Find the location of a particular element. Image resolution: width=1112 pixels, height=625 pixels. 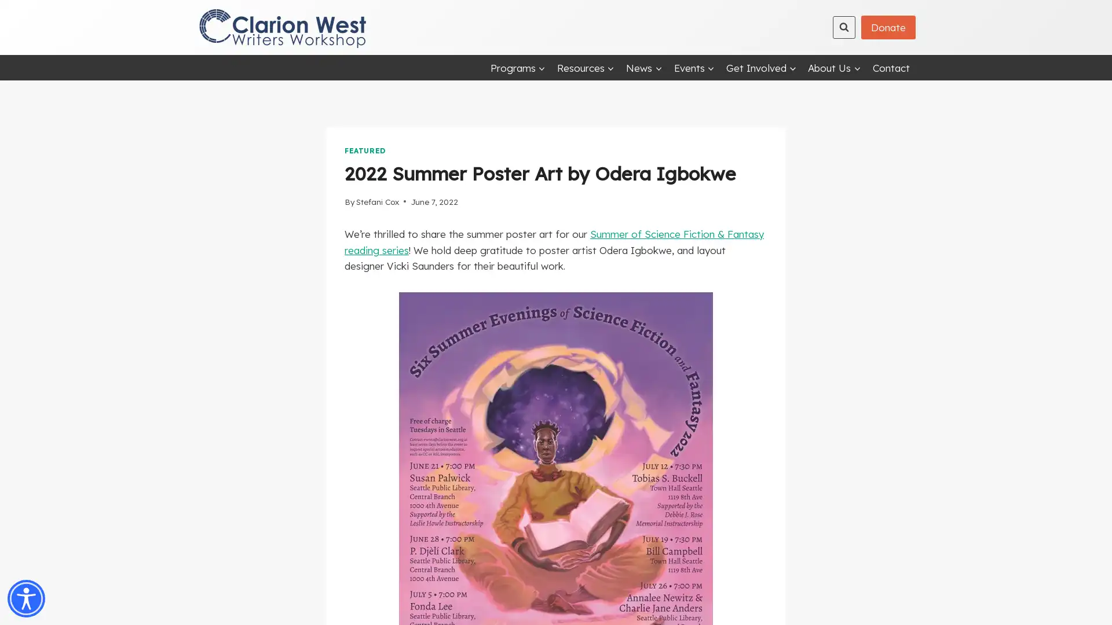

Expand child menu is located at coordinates (834, 67).